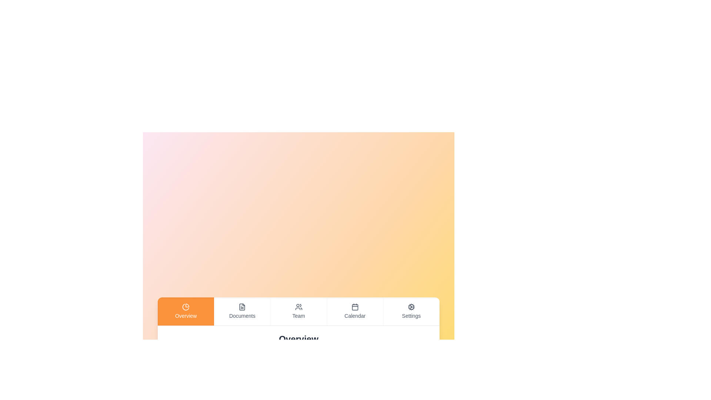 Image resolution: width=711 pixels, height=400 pixels. Describe the element at coordinates (298, 311) in the screenshot. I see `the 'Team' navigation button located in the bottom navigation bar, which is the third button from the left, to initiate any hover effects` at that location.